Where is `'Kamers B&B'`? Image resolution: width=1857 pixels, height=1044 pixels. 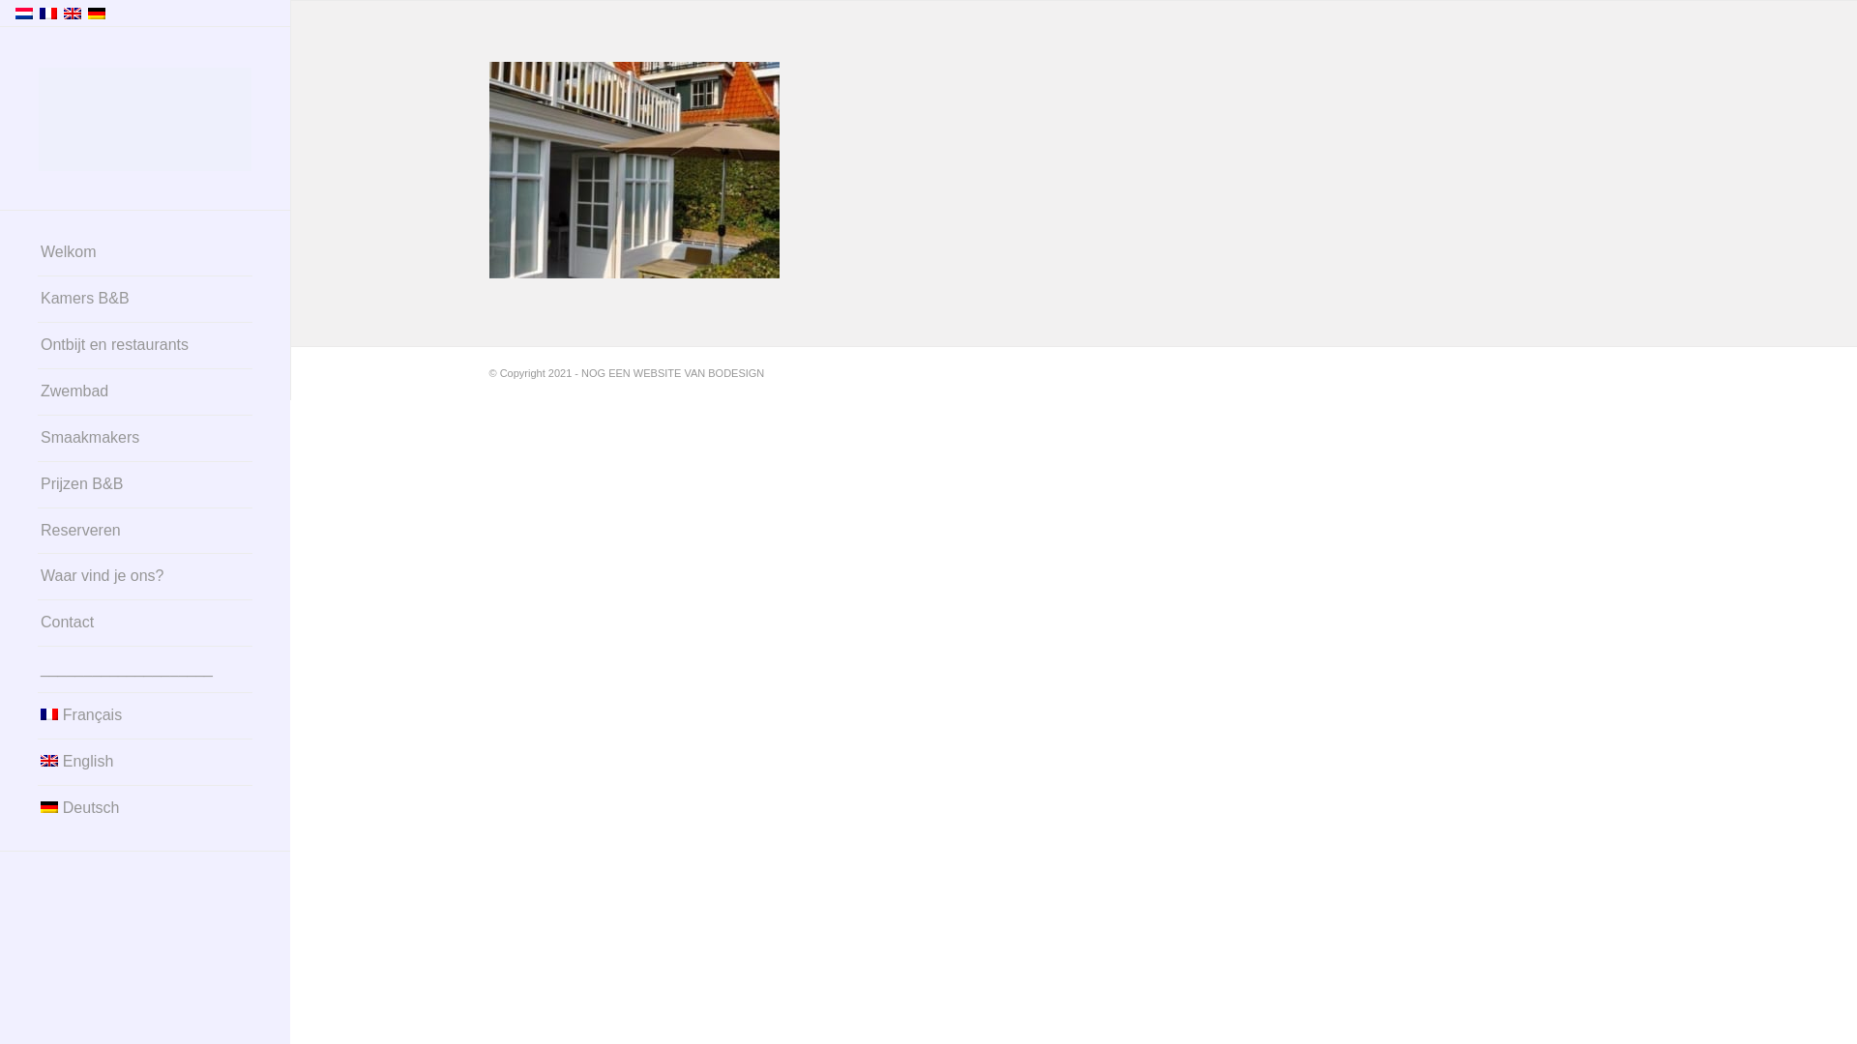
'Kamers B&B' is located at coordinates (143, 299).